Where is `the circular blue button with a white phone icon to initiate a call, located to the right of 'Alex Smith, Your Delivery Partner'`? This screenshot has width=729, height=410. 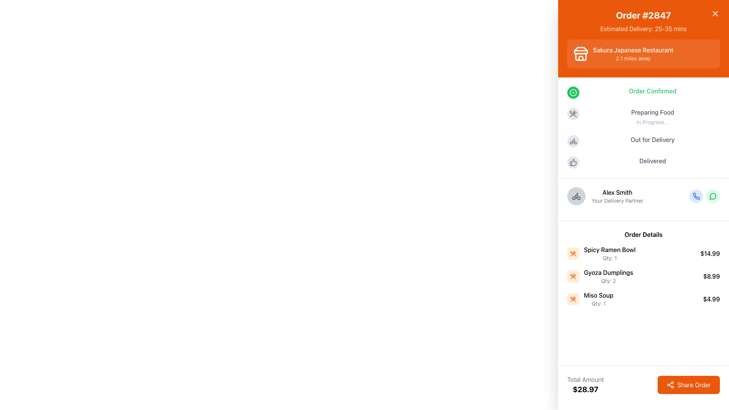 the circular blue button with a white phone icon to initiate a call, located to the right of 'Alex Smith, Your Delivery Partner' is located at coordinates (696, 196).